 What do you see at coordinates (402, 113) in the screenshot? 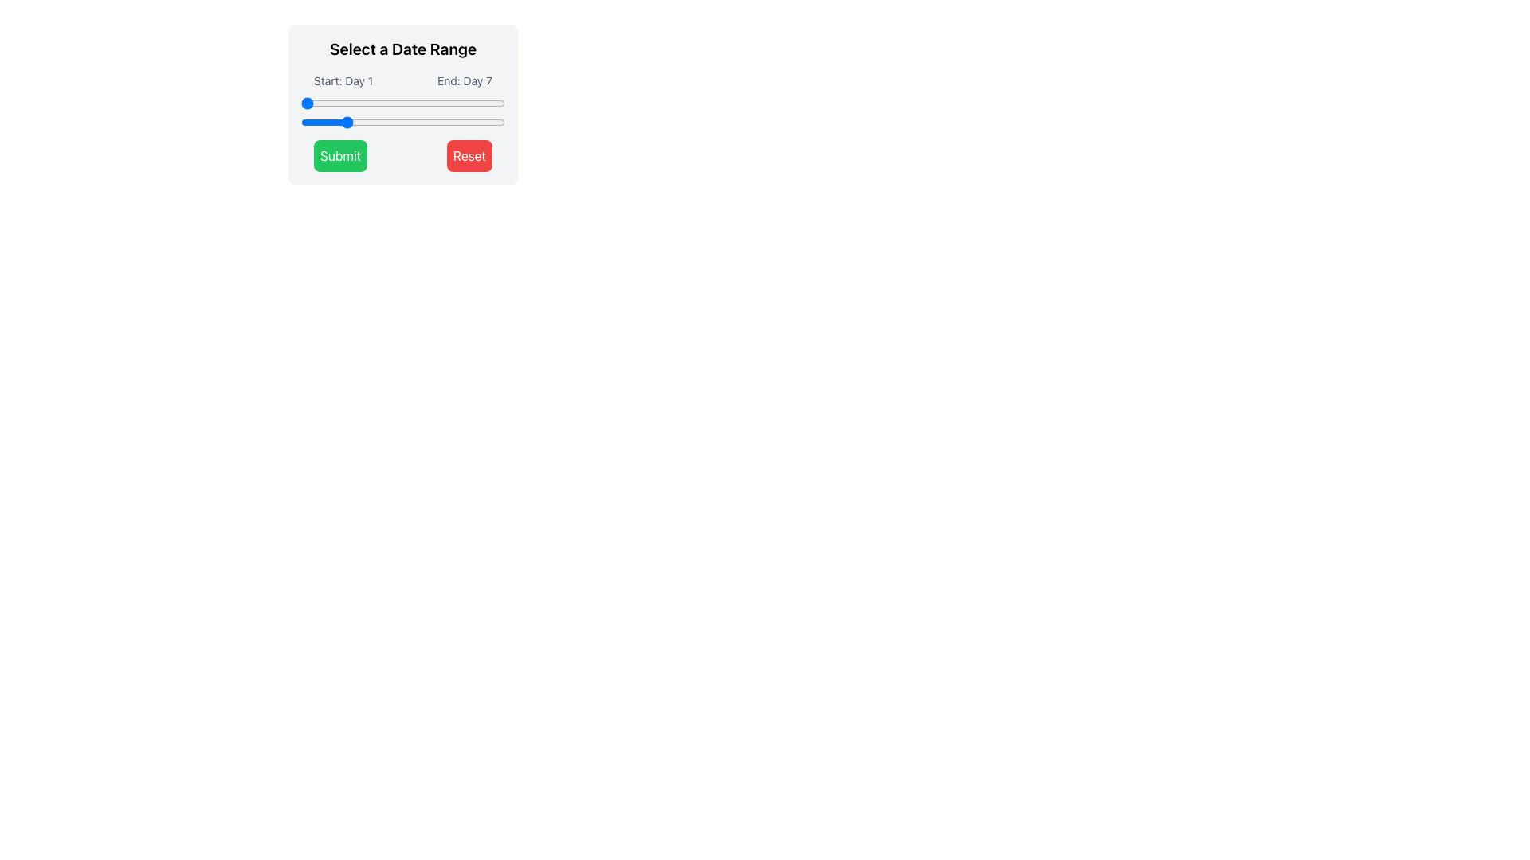
I see `the Slider control located below the 'Start: Day 1' and 'End: Day 7' labels` at bounding box center [402, 113].